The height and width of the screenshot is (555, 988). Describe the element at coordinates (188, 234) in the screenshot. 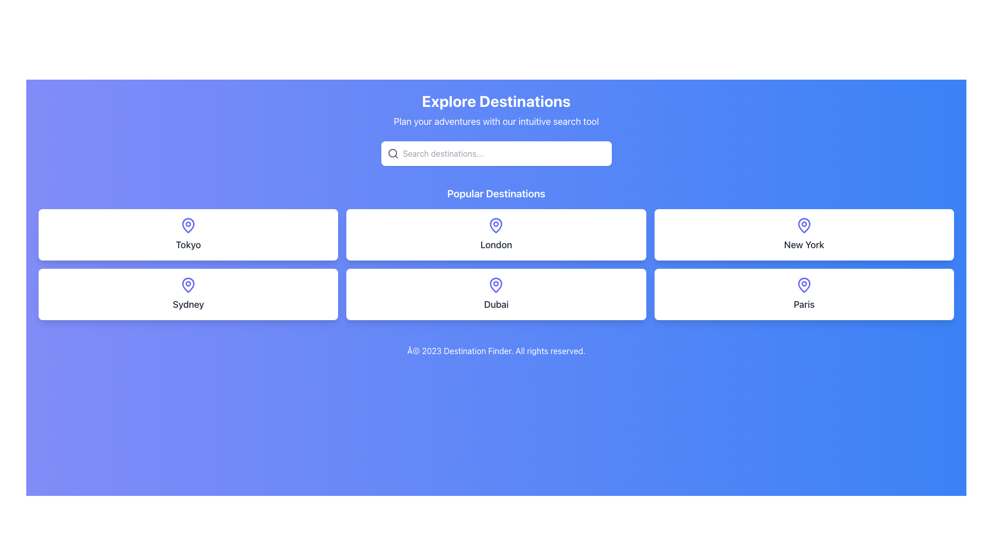

I see `the selectable card labeled 'Tokyo' which is the first tile in the grid layout, located at the top-left corner with a map pin icon` at that location.